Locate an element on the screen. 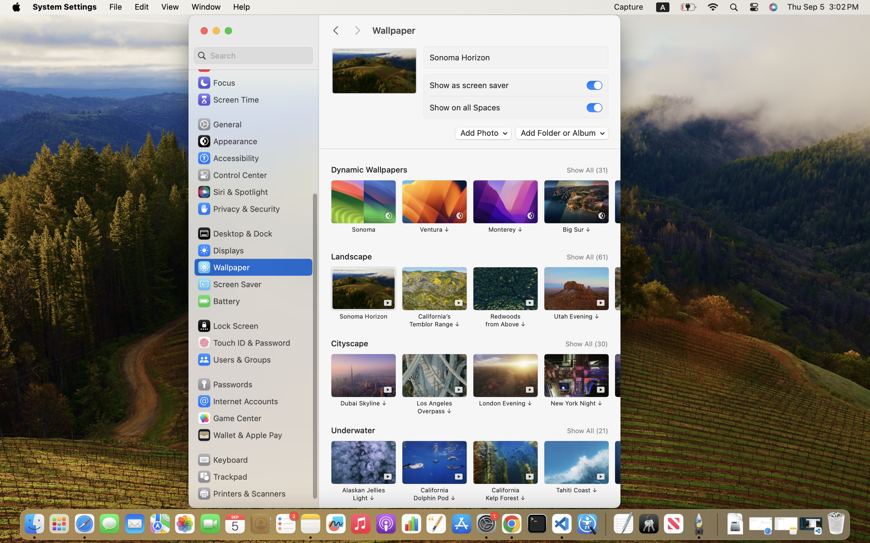  '0.4285714328289032' is located at coordinates (604, 524).